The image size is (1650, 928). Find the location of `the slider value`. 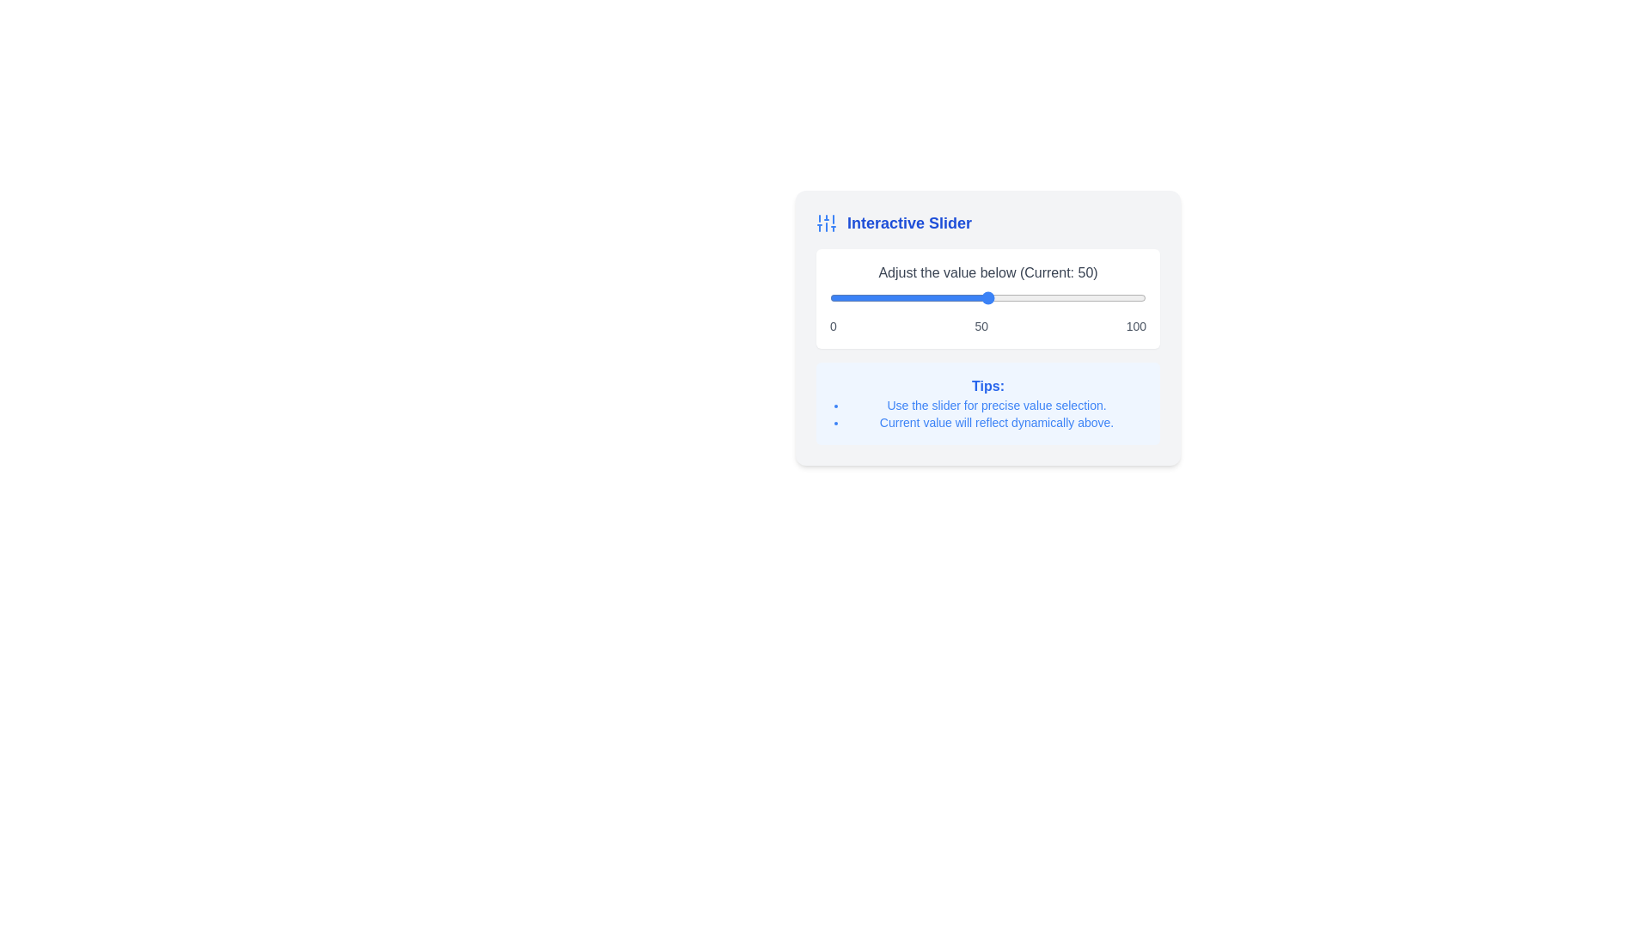

the slider value is located at coordinates (1136, 297).